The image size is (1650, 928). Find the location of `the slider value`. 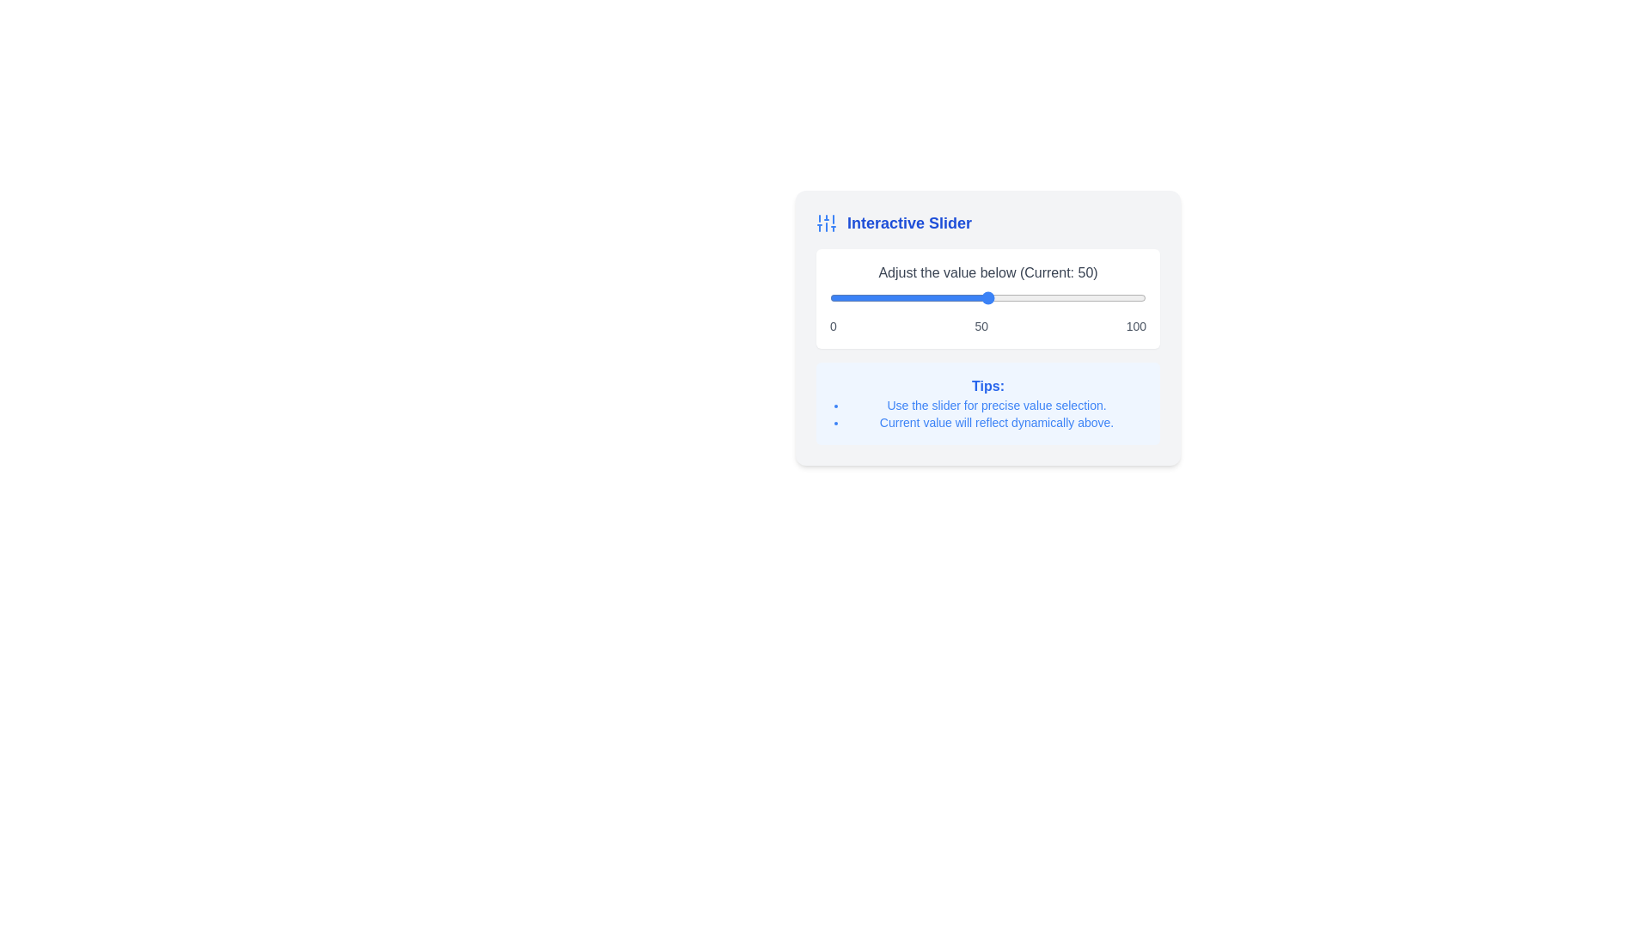

the slider value is located at coordinates (1136, 297).